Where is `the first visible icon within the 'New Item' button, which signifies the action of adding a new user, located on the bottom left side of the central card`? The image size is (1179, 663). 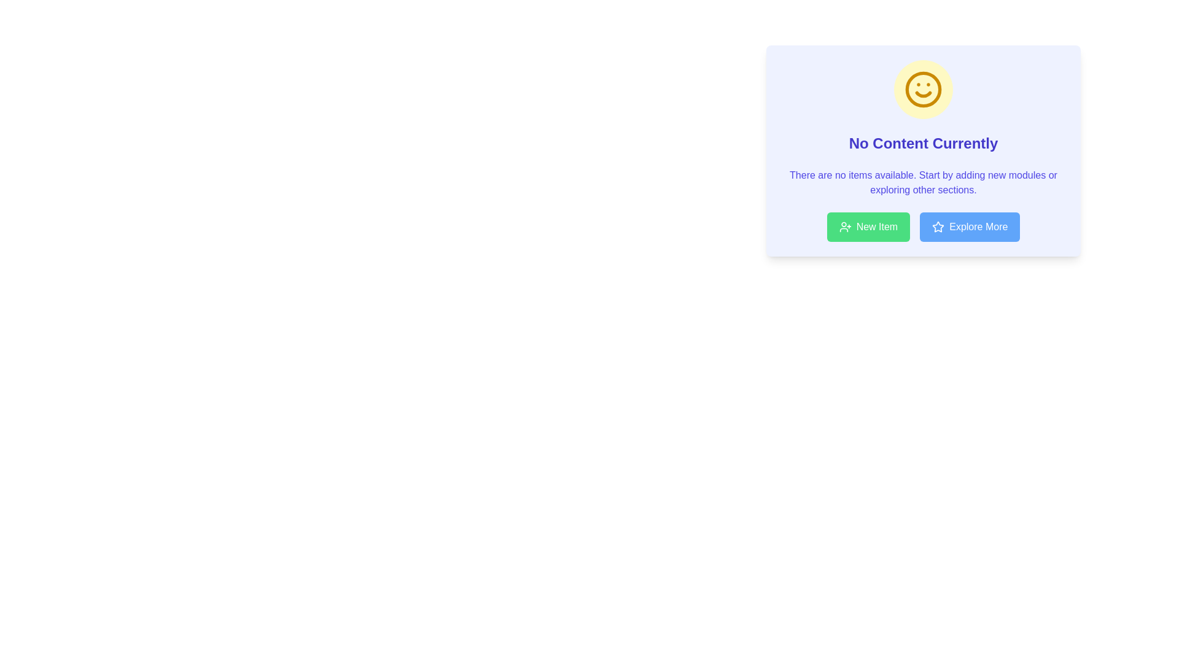 the first visible icon within the 'New Item' button, which signifies the action of adding a new user, located on the bottom left side of the central card is located at coordinates (844, 227).